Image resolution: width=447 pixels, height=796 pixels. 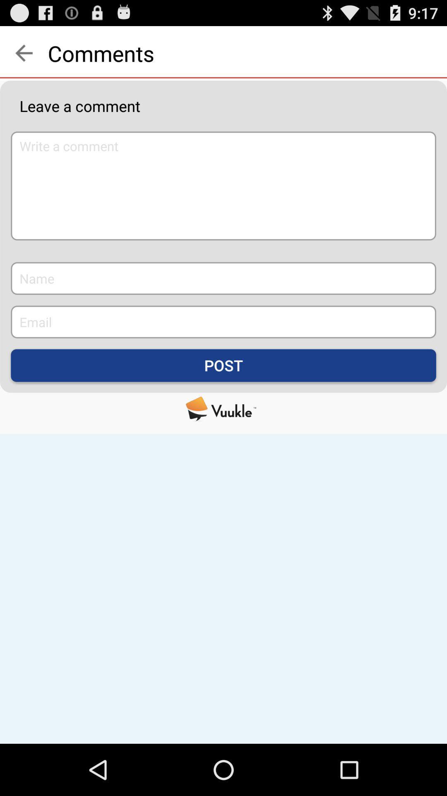 What do you see at coordinates (223, 185) in the screenshot?
I see `write comment` at bounding box center [223, 185].